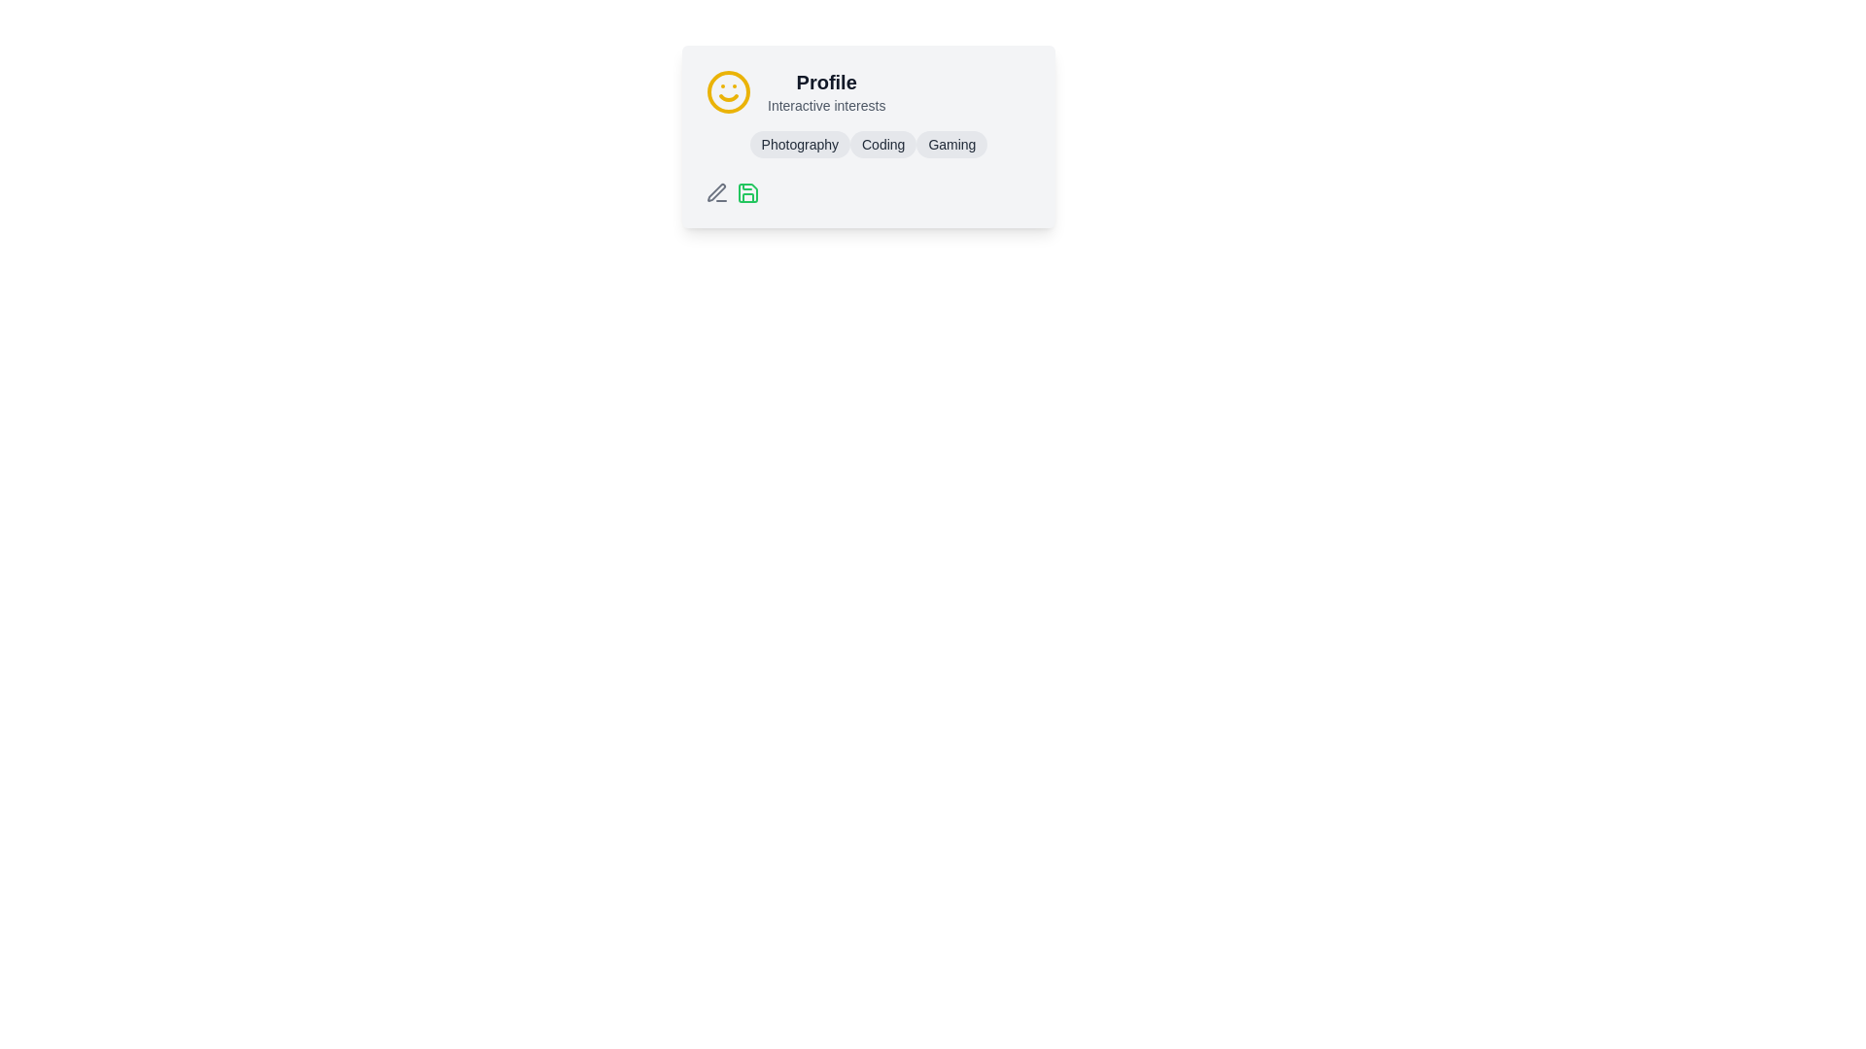  I want to click on the mouth element of the smiling face icon, which is represented by a graphic below the eyes, so click(727, 97).